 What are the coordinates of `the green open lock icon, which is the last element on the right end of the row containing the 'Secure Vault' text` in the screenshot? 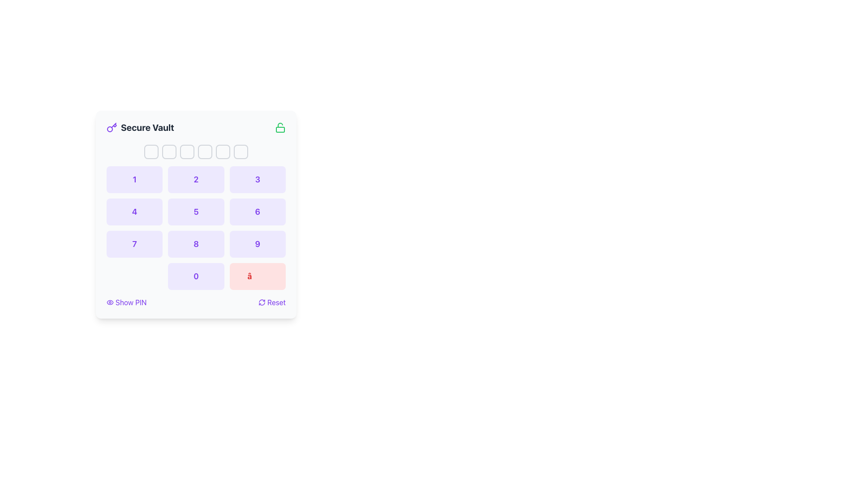 It's located at (279, 128).